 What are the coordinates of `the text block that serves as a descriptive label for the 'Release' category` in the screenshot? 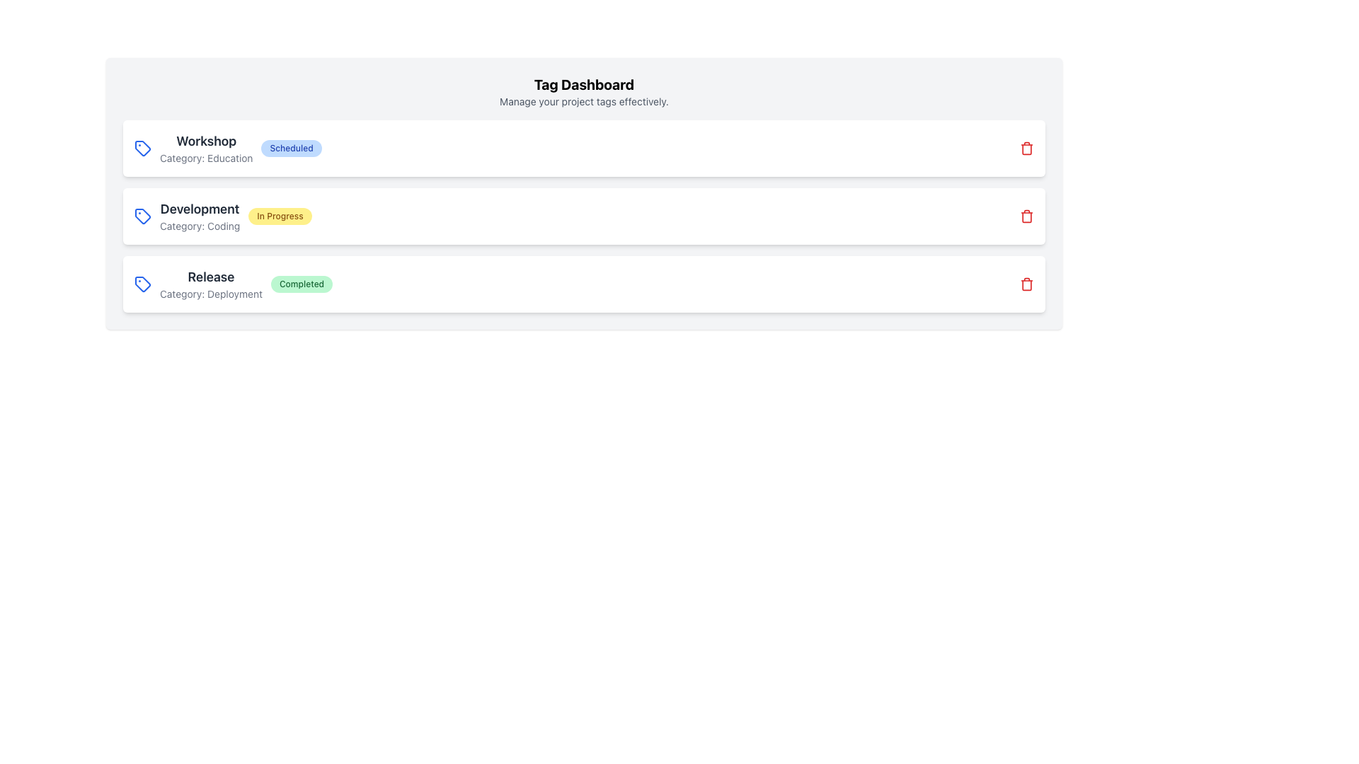 It's located at (210, 284).